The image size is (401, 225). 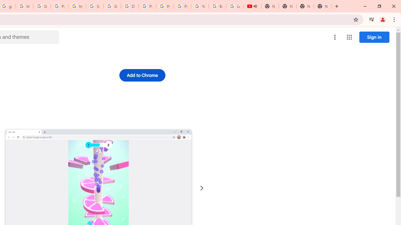 I want to click on 'New Tab', so click(x=323, y=6).